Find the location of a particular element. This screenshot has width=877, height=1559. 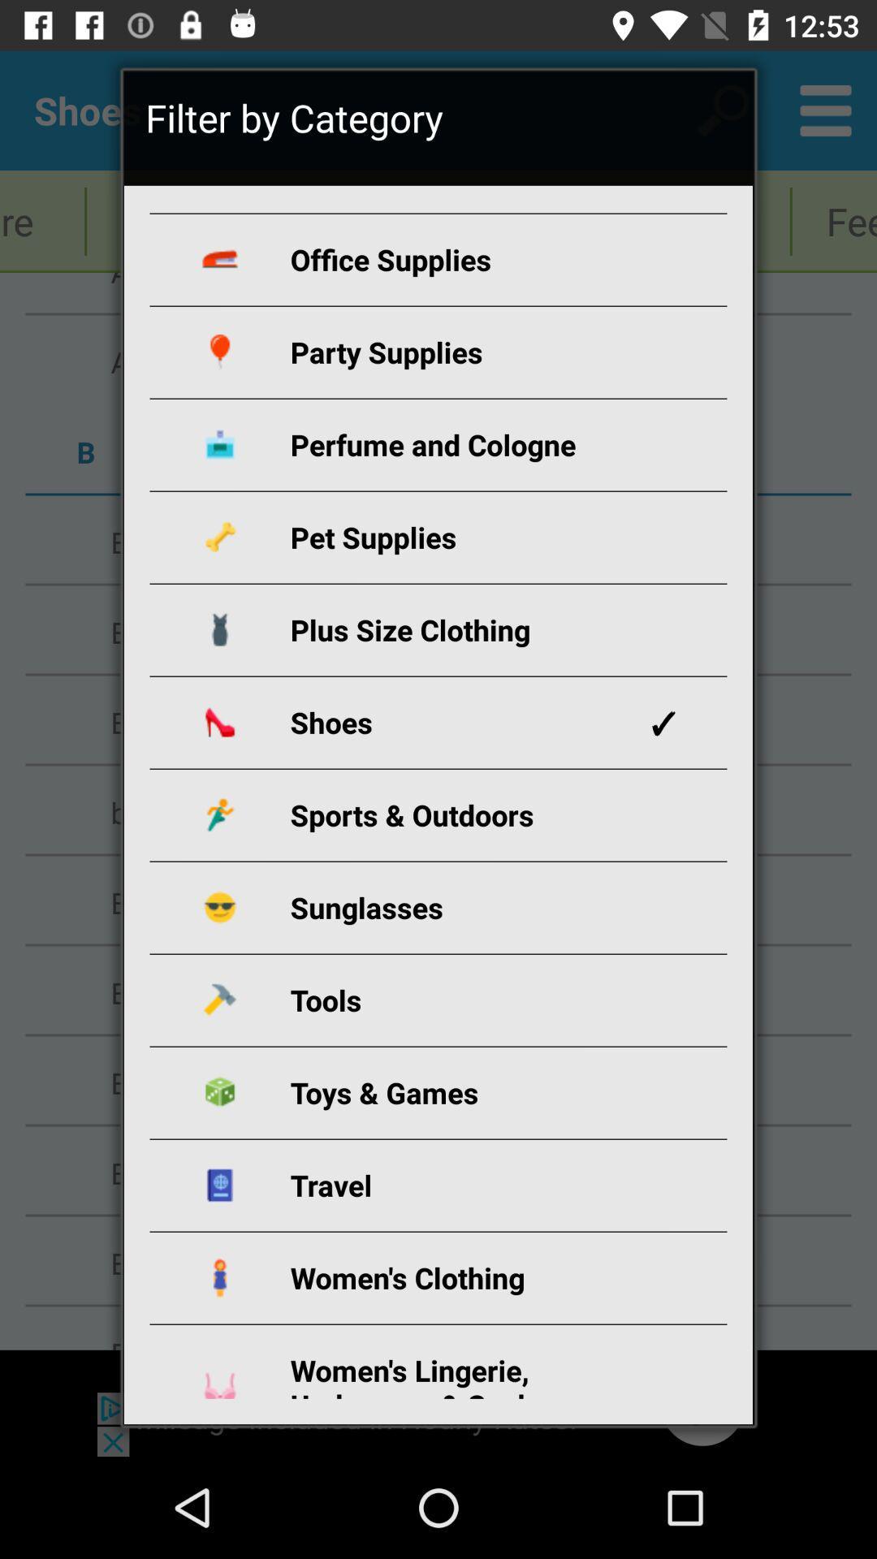

the travel item is located at coordinates (457, 1185).